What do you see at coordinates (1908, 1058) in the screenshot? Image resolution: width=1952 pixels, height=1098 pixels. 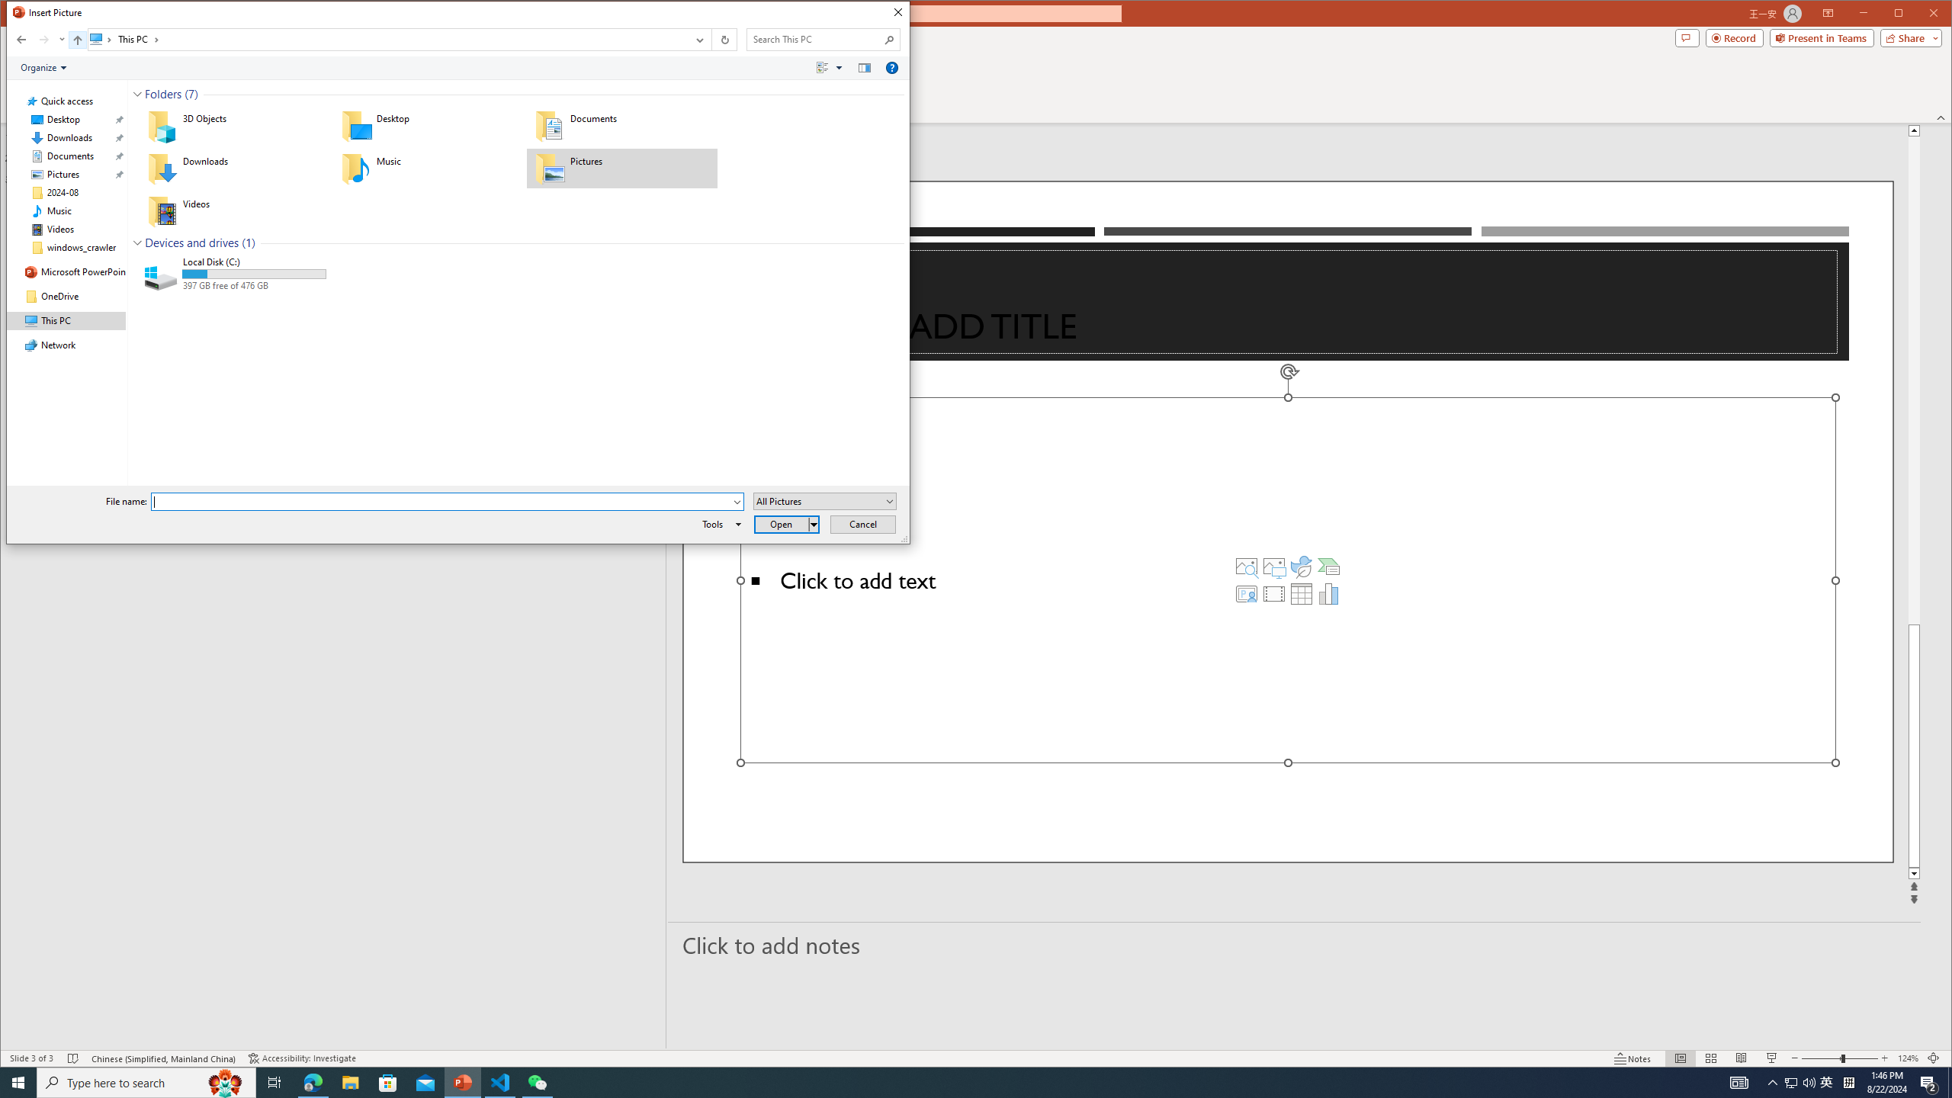 I see `'Zoom 124%'` at bounding box center [1908, 1058].